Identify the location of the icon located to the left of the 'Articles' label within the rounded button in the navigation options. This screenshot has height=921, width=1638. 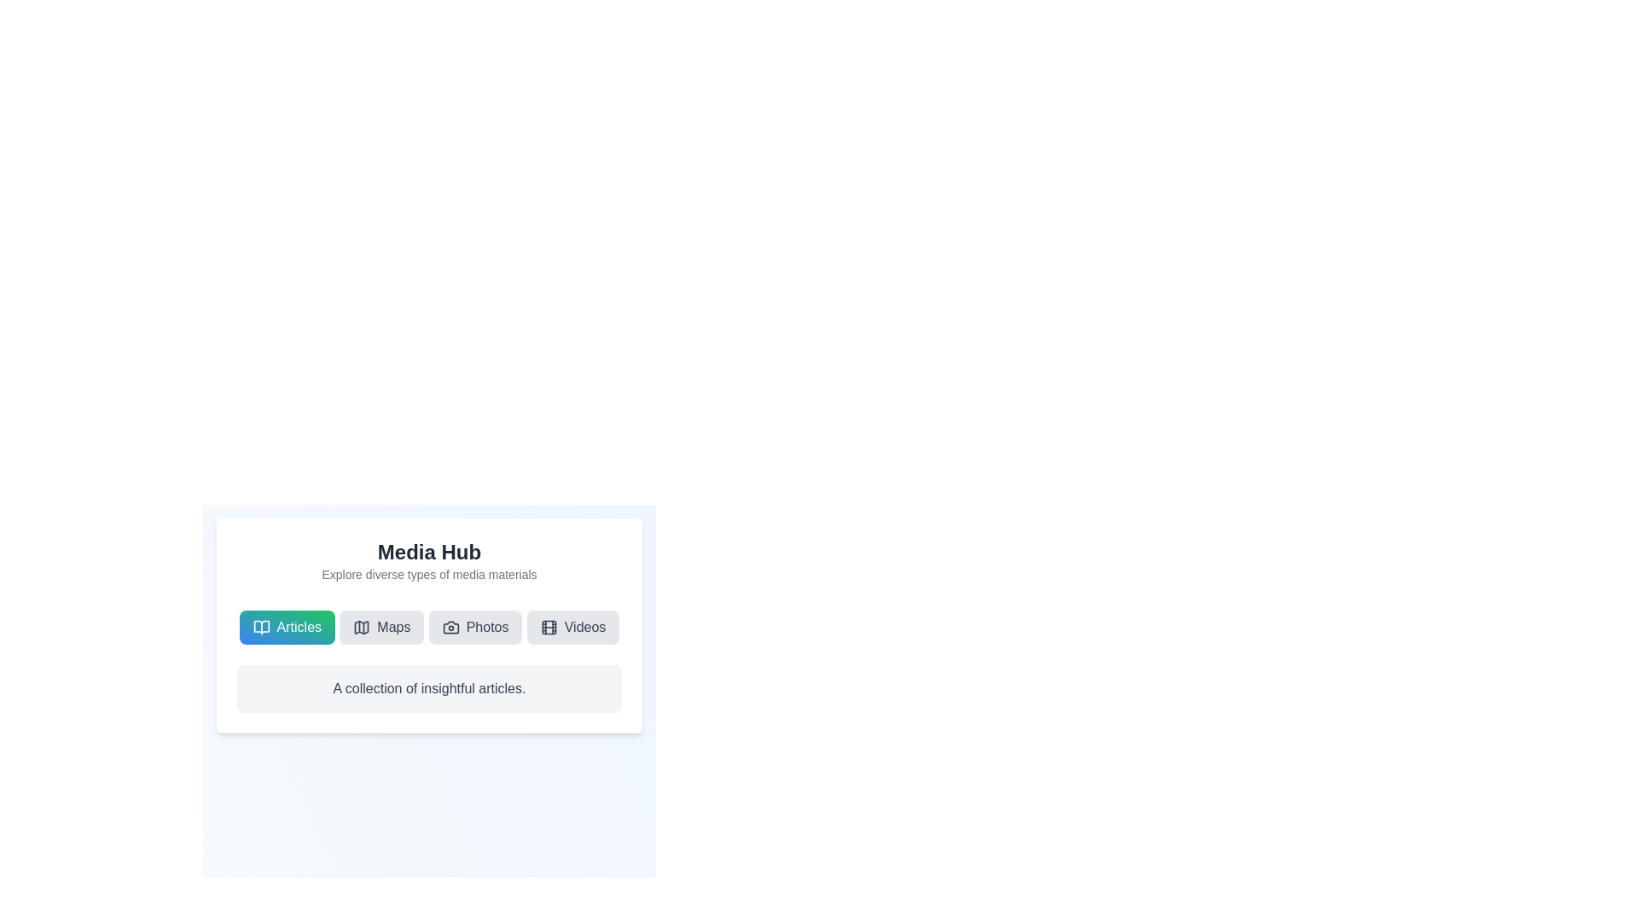
(260, 628).